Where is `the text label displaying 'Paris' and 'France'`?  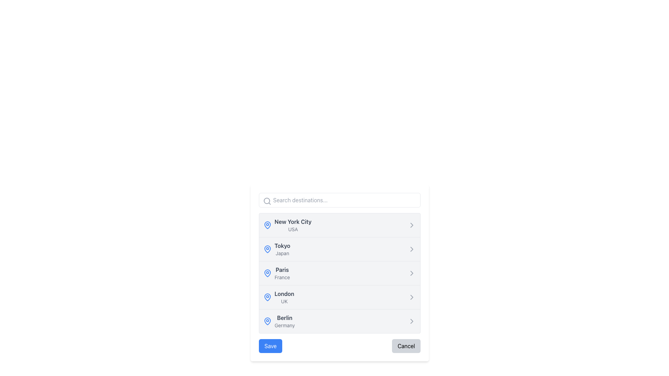
the text label displaying 'Paris' and 'France' is located at coordinates (282, 273).